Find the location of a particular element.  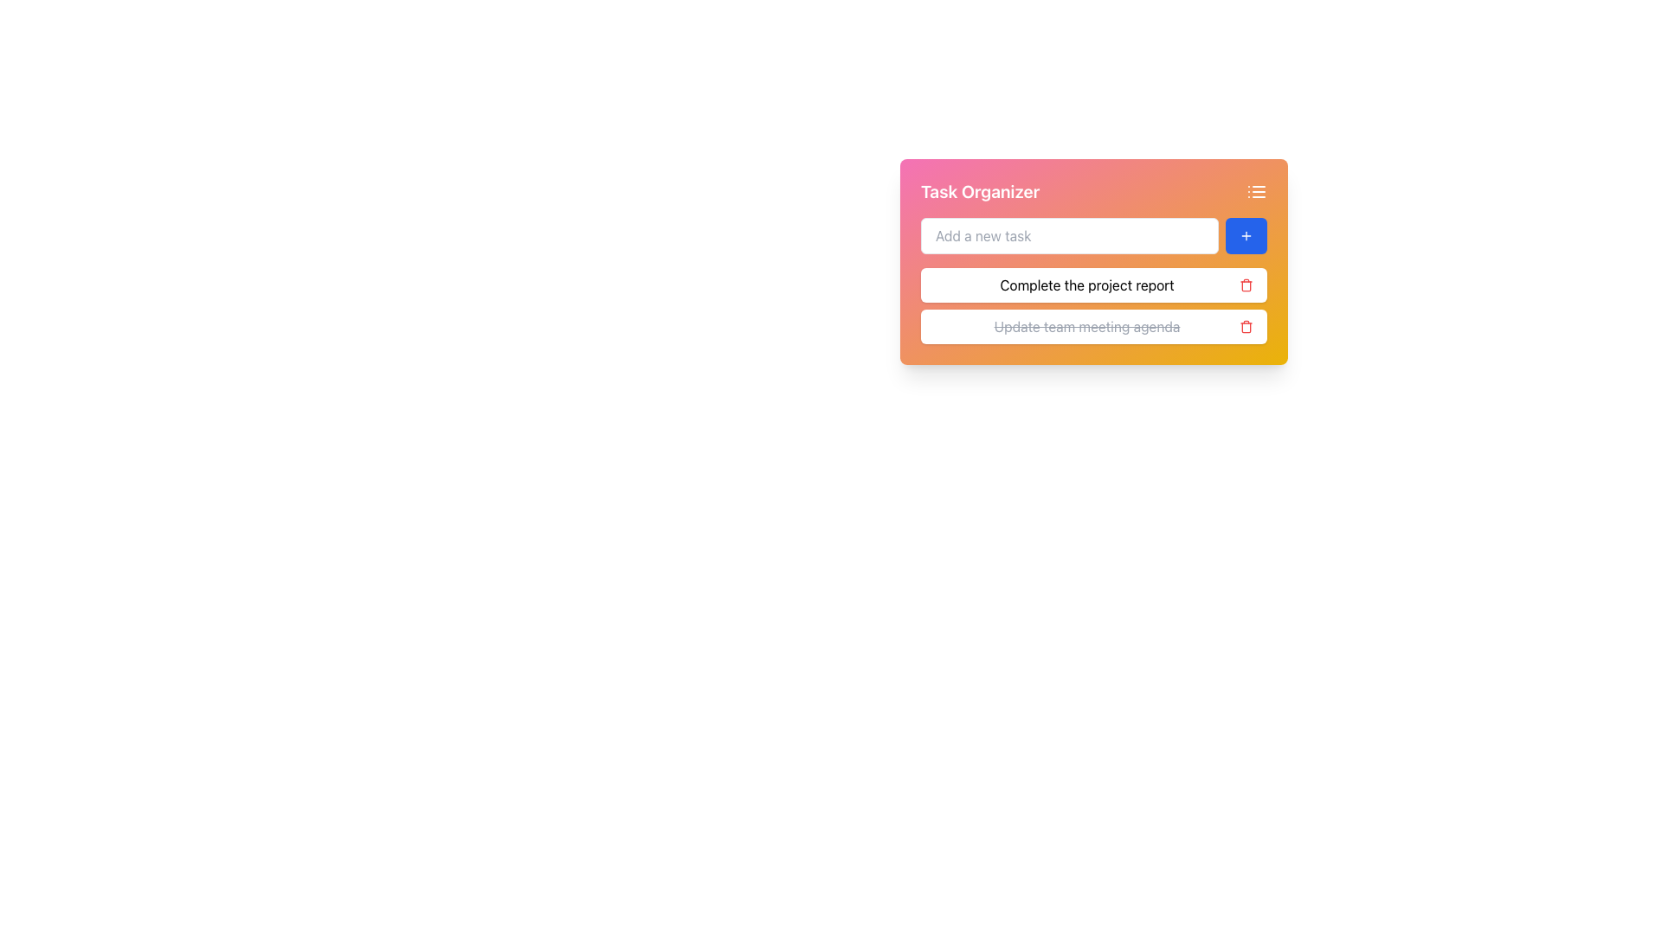

the task organizer module, which allows users is located at coordinates (1092, 262).